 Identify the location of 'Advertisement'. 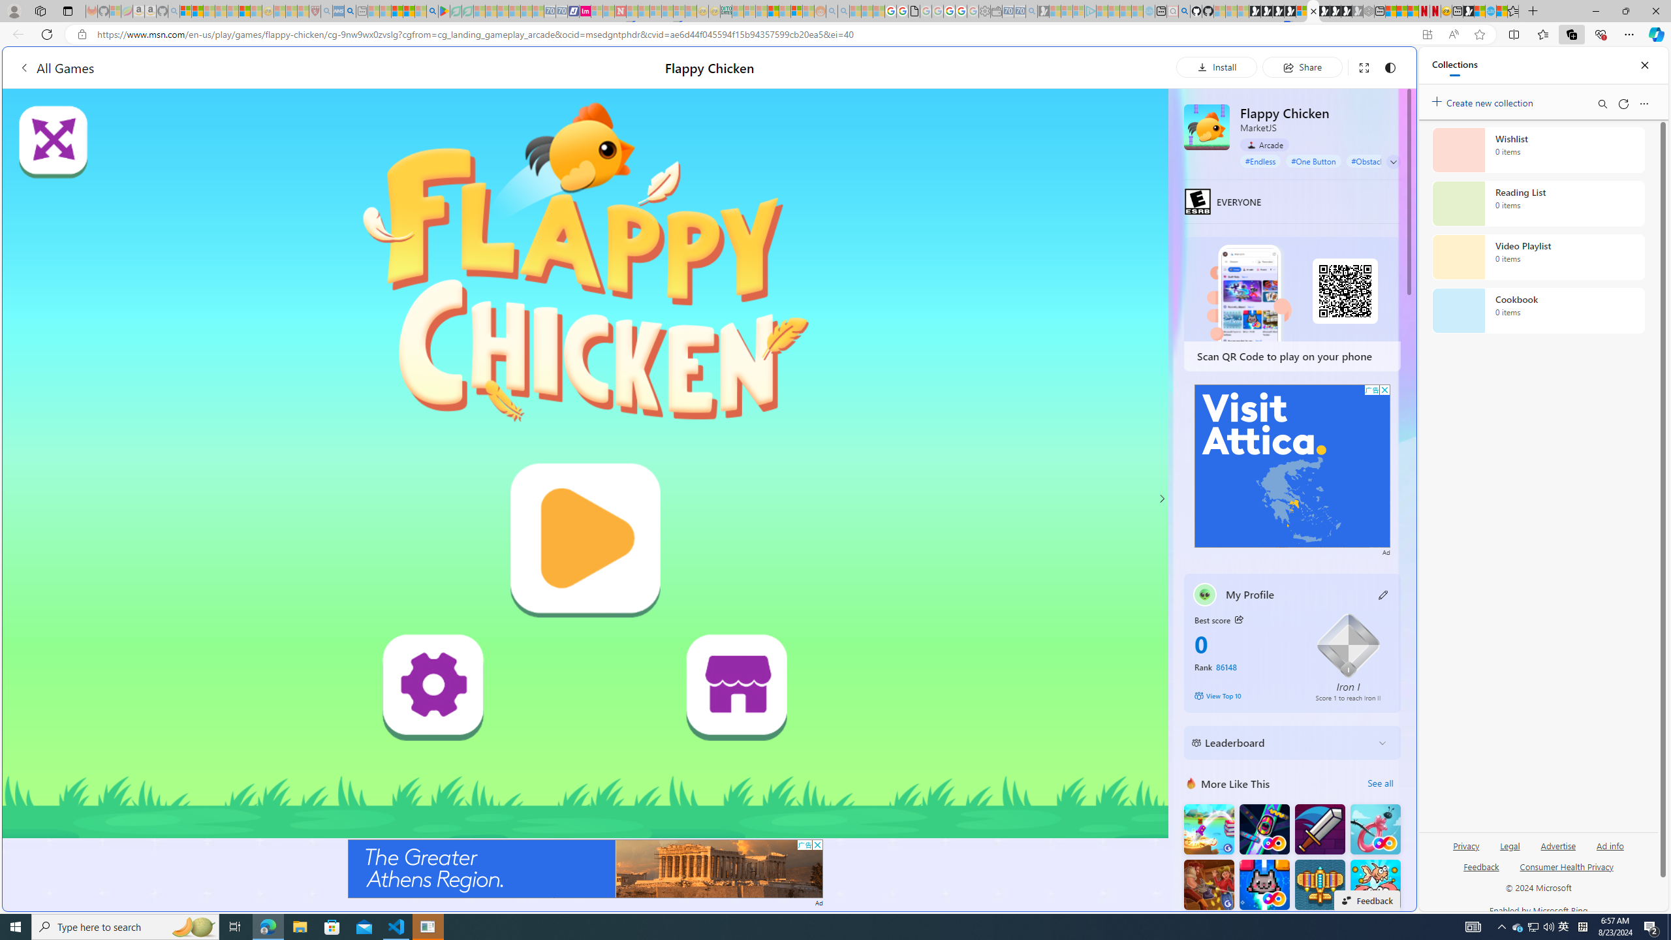
(1292, 465).